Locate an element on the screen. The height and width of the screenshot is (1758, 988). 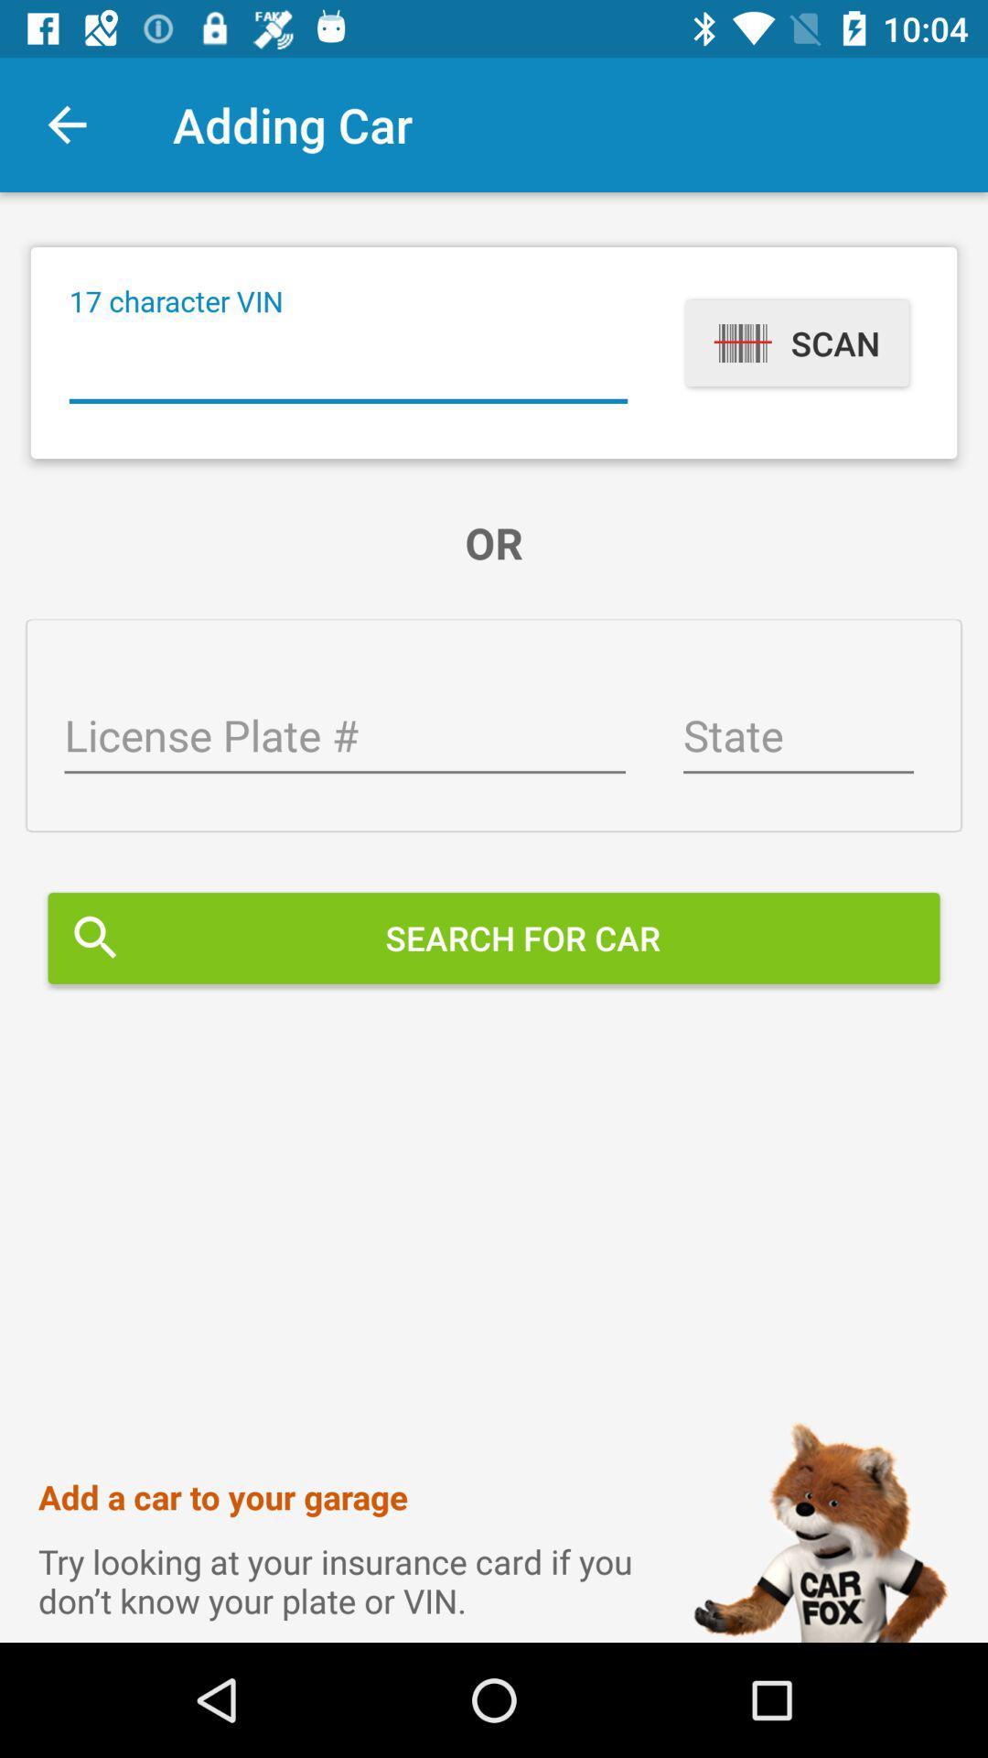
code enter is located at coordinates (349, 365).